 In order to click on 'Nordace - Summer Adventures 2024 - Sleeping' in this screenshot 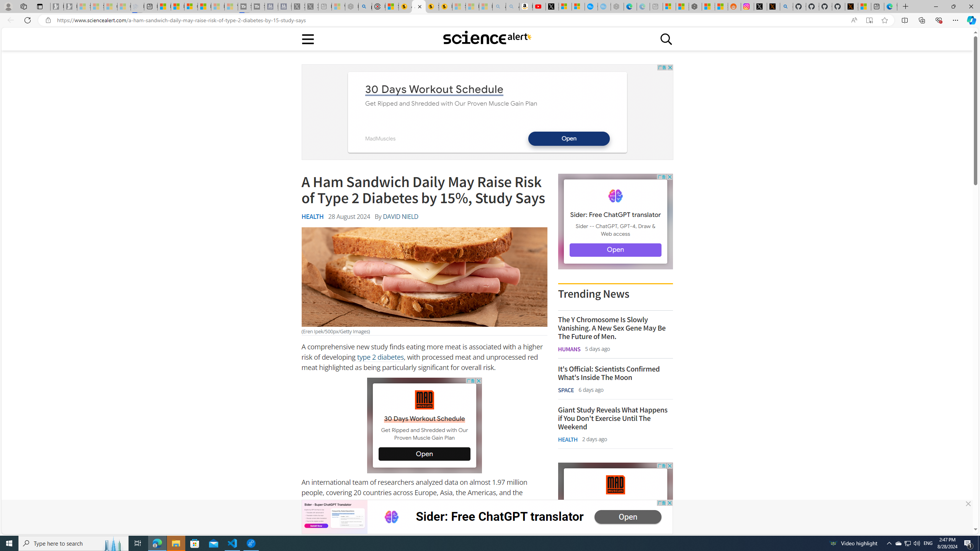, I will do `click(351, 6)`.